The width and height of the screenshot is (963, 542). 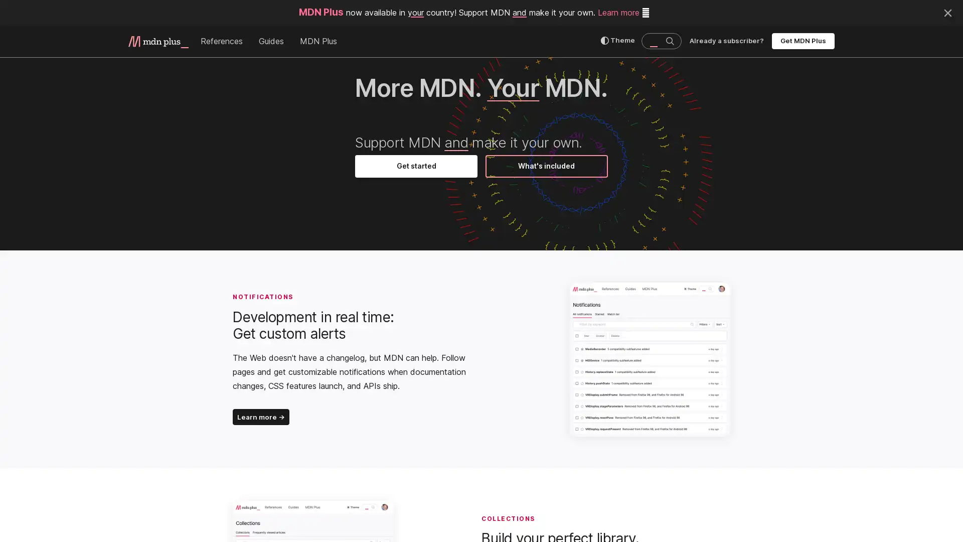 I want to click on SEARCH, so click(x=669, y=40).